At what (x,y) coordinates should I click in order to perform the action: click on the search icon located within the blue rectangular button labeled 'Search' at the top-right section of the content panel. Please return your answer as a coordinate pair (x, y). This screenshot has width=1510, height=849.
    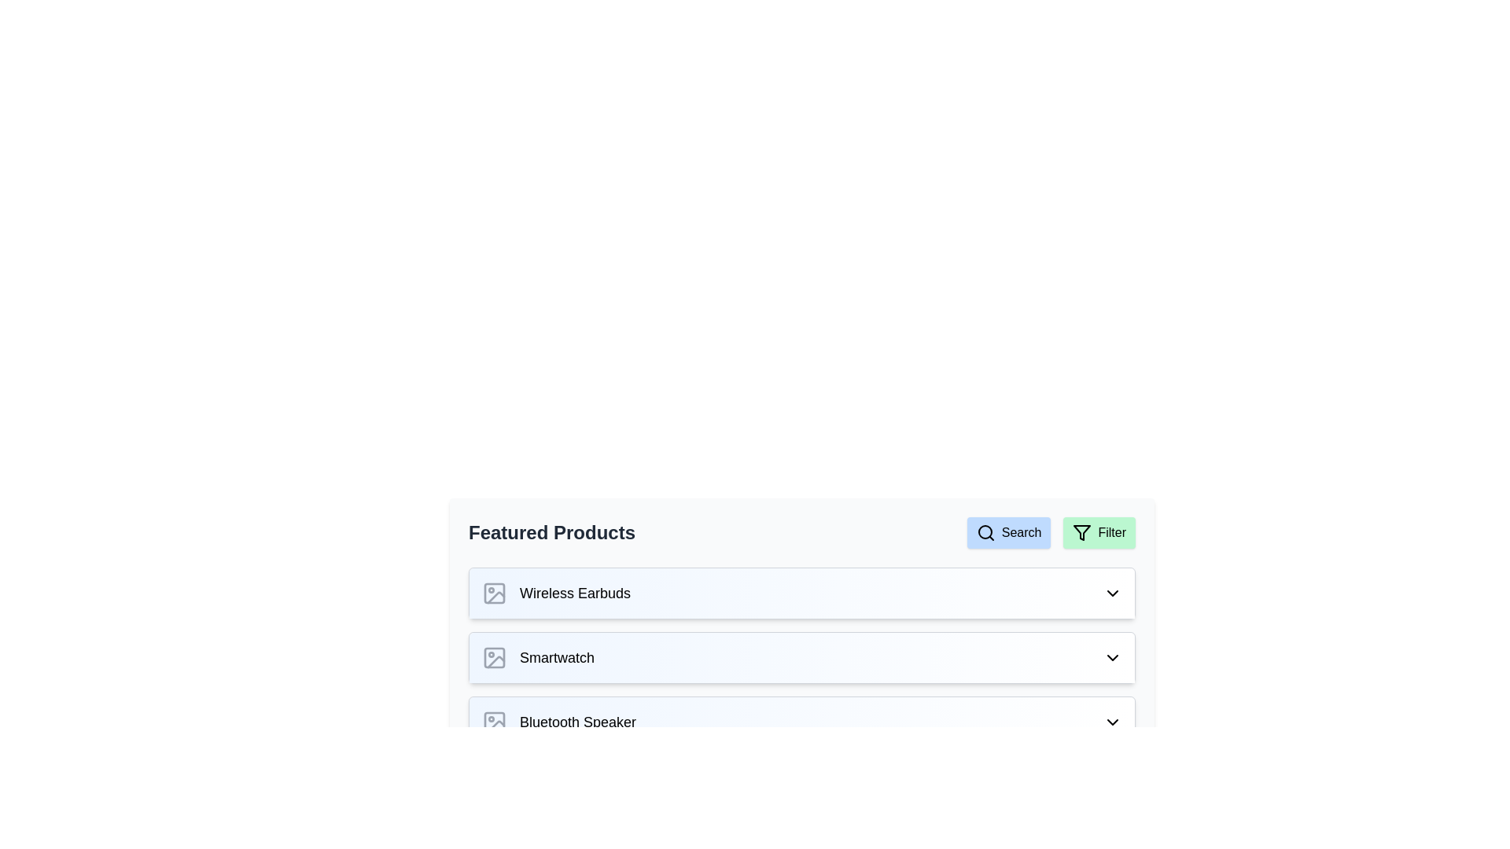
    Looking at the image, I should click on (985, 532).